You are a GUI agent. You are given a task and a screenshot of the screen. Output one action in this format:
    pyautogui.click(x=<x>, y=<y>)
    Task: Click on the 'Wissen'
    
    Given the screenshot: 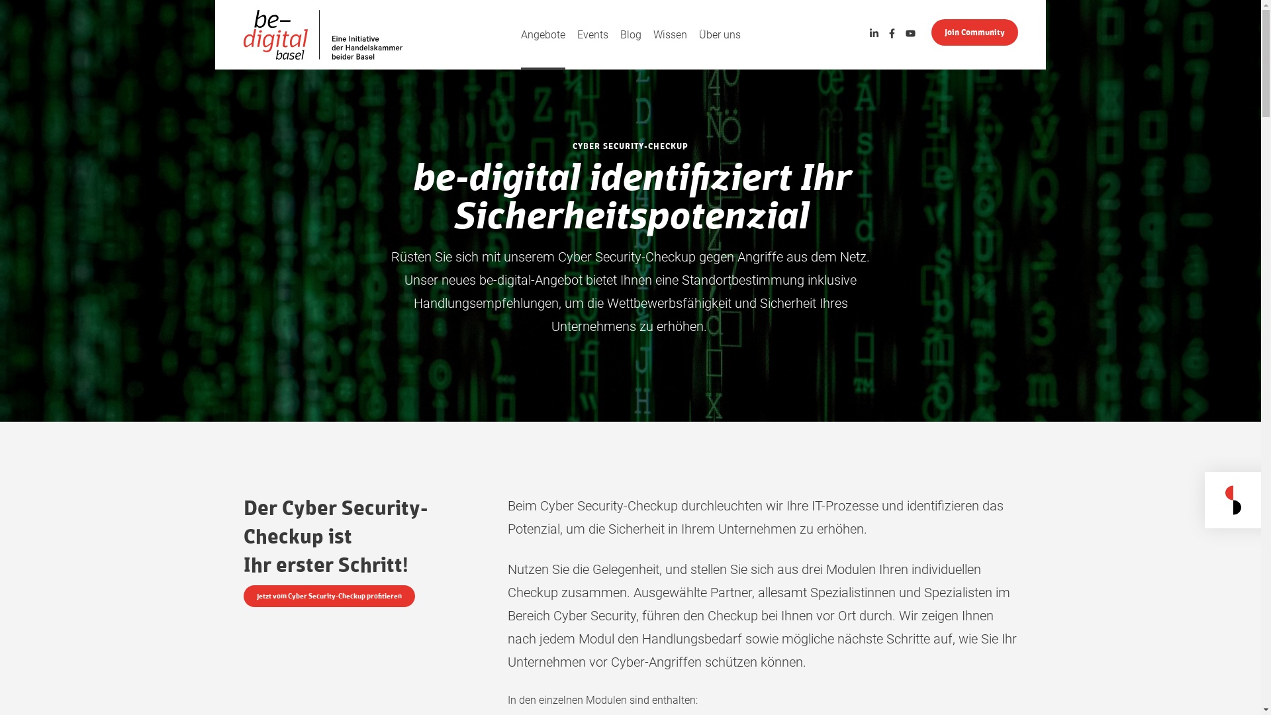 What is the action you would take?
    pyautogui.click(x=669, y=34)
    